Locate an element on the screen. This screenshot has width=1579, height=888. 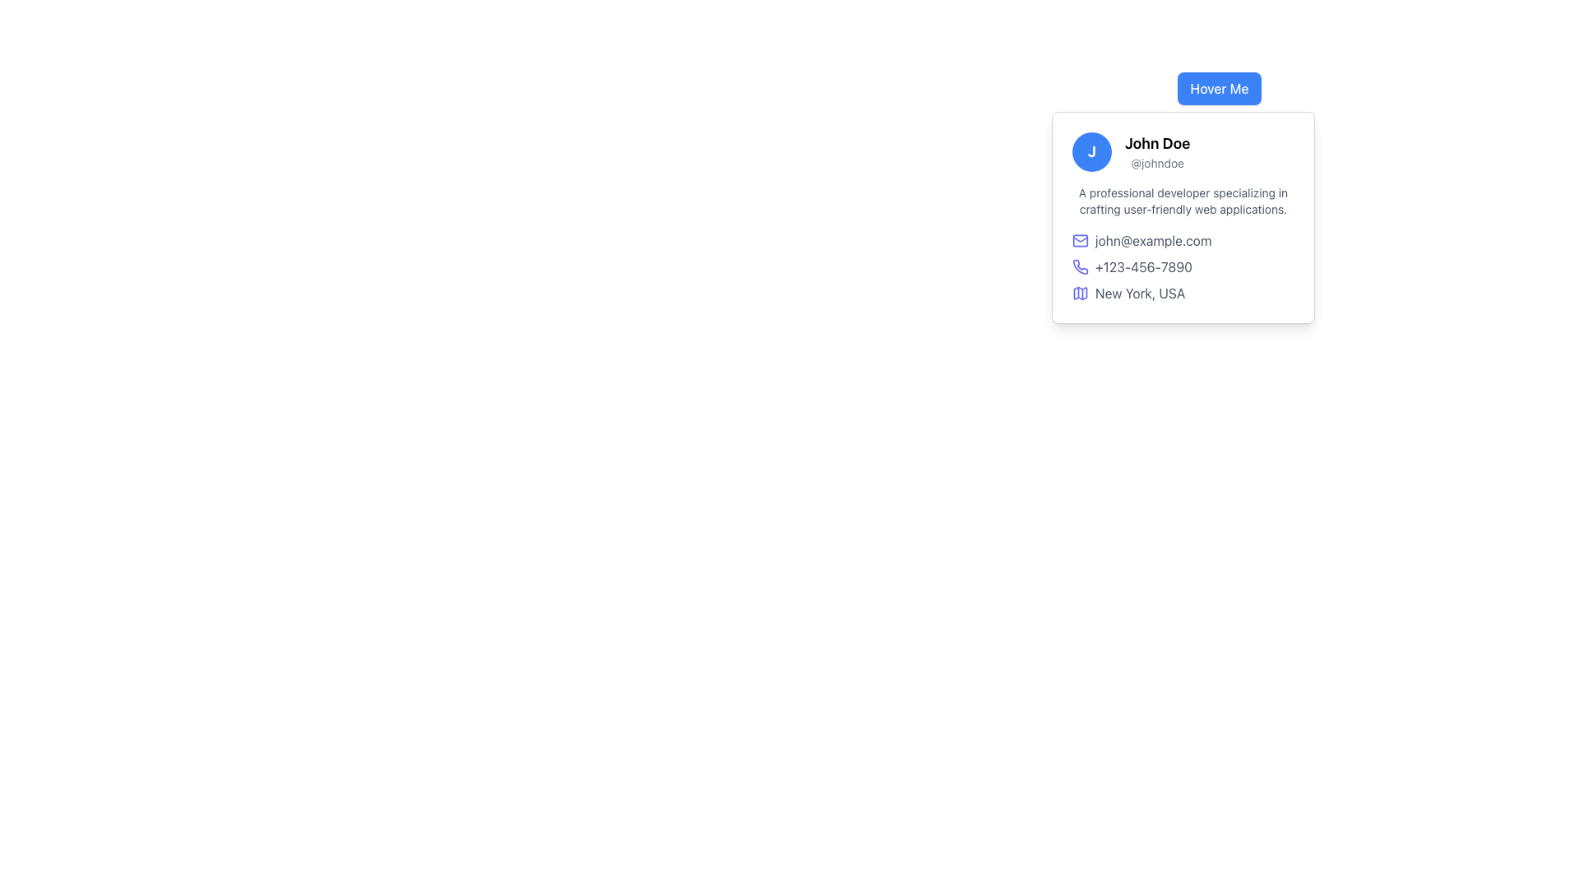
the contact information block's interactive elements such as email, phone number, or map icons located within the card structure in the top-left section of the interface is located at coordinates (1183, 266).